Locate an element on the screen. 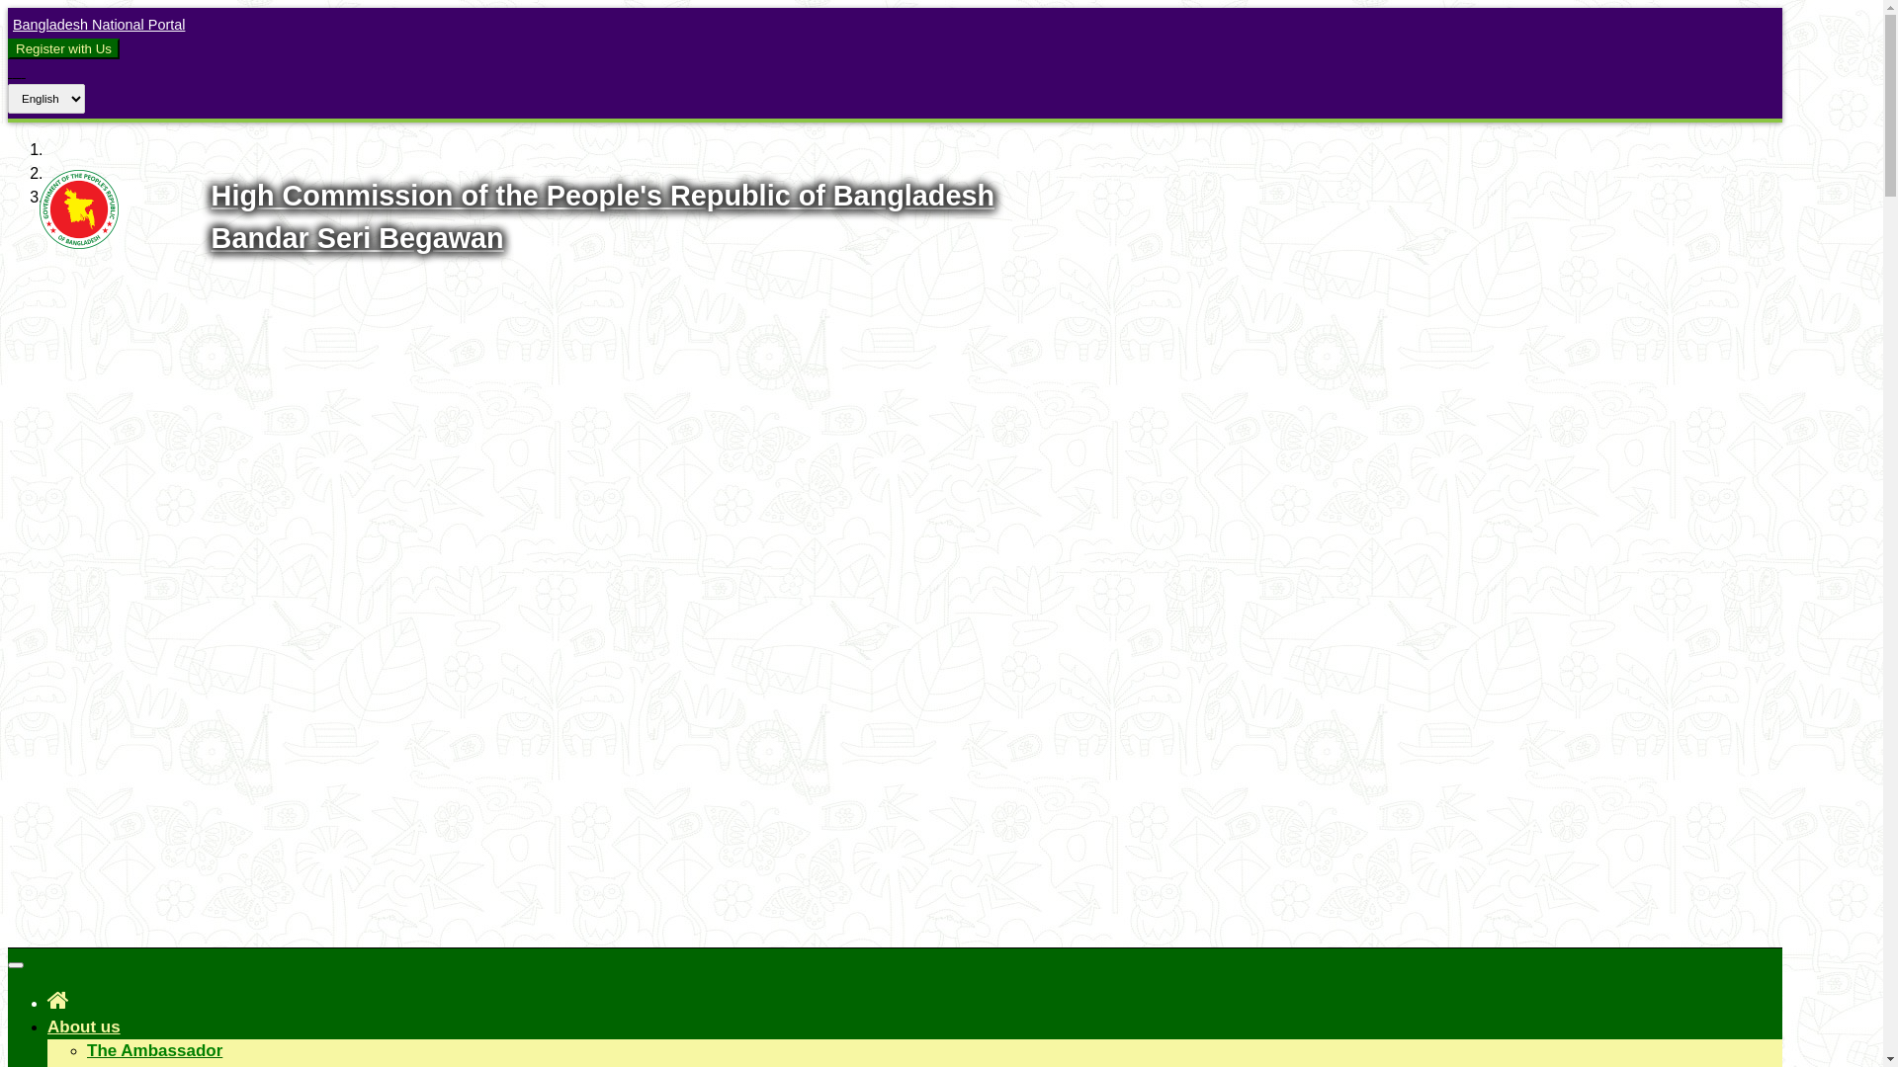  'Logo' is located at coordinates (79, 242).